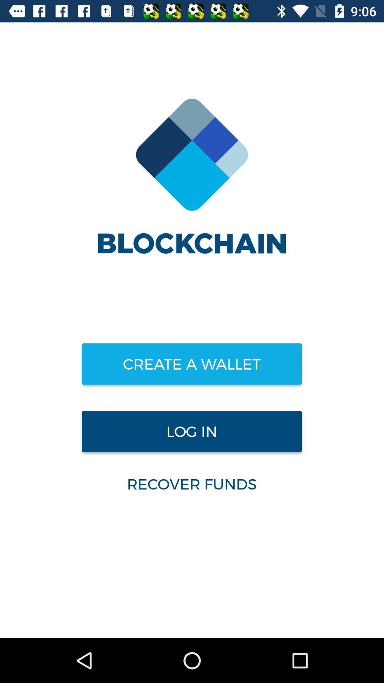 This screenshot has height=683, width=384. Describe the element at coordinates (191, 431) in the screenshot. I see `the item below create a wallet item` at that location.